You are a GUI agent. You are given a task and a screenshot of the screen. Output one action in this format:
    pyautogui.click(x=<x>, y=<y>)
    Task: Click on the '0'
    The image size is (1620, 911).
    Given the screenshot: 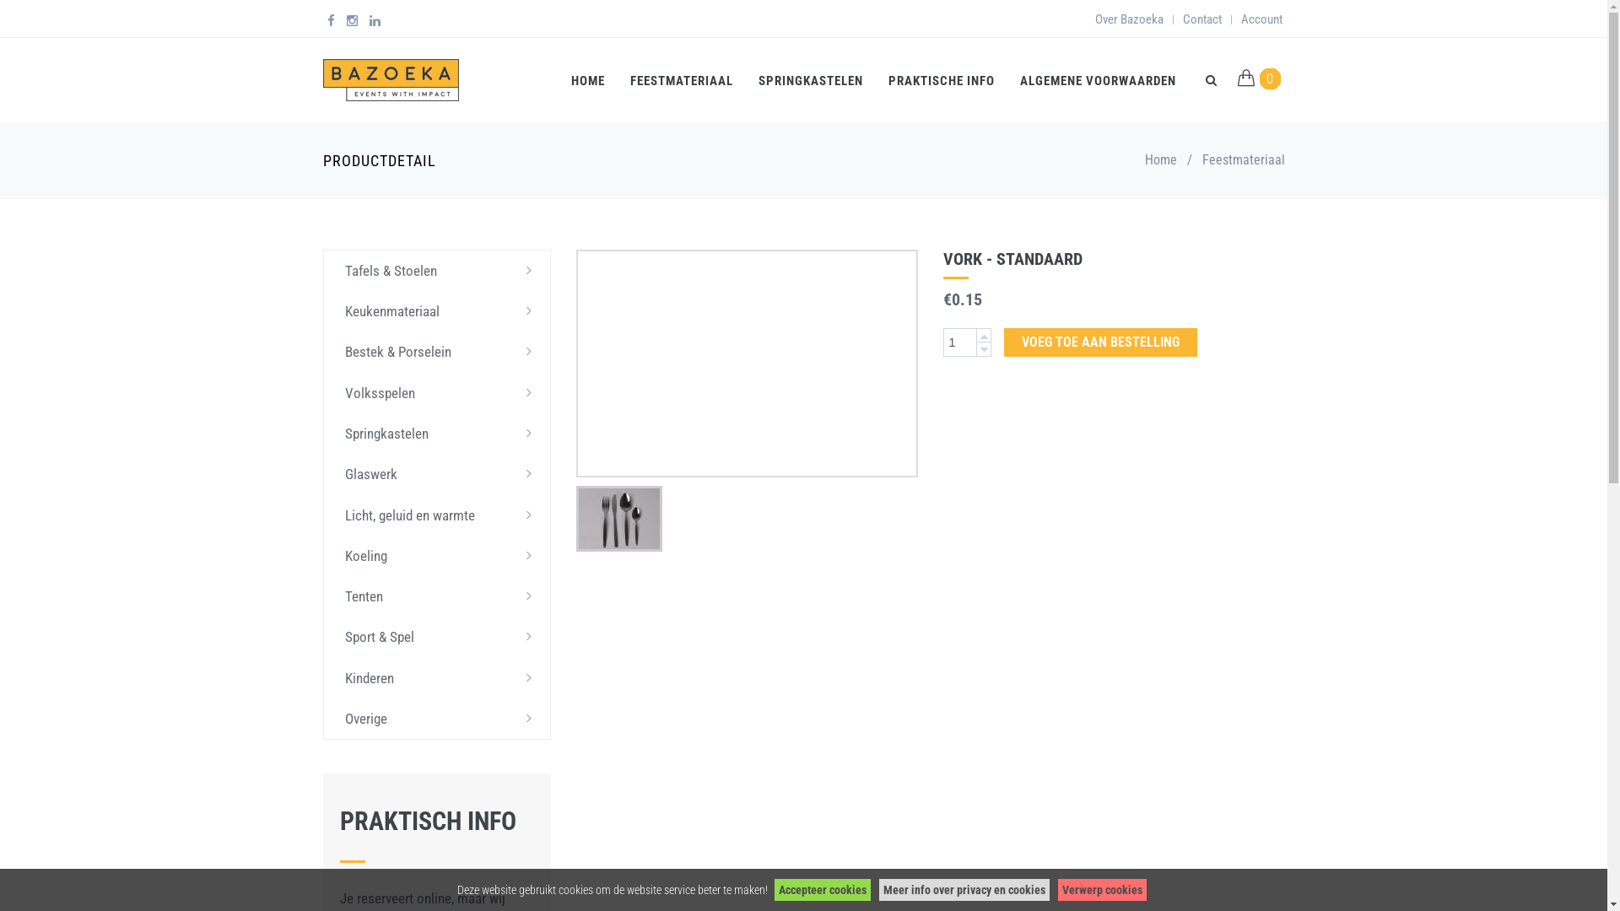 What is the action you would take?
    pyautogui.click(x=1270, y=78)
    